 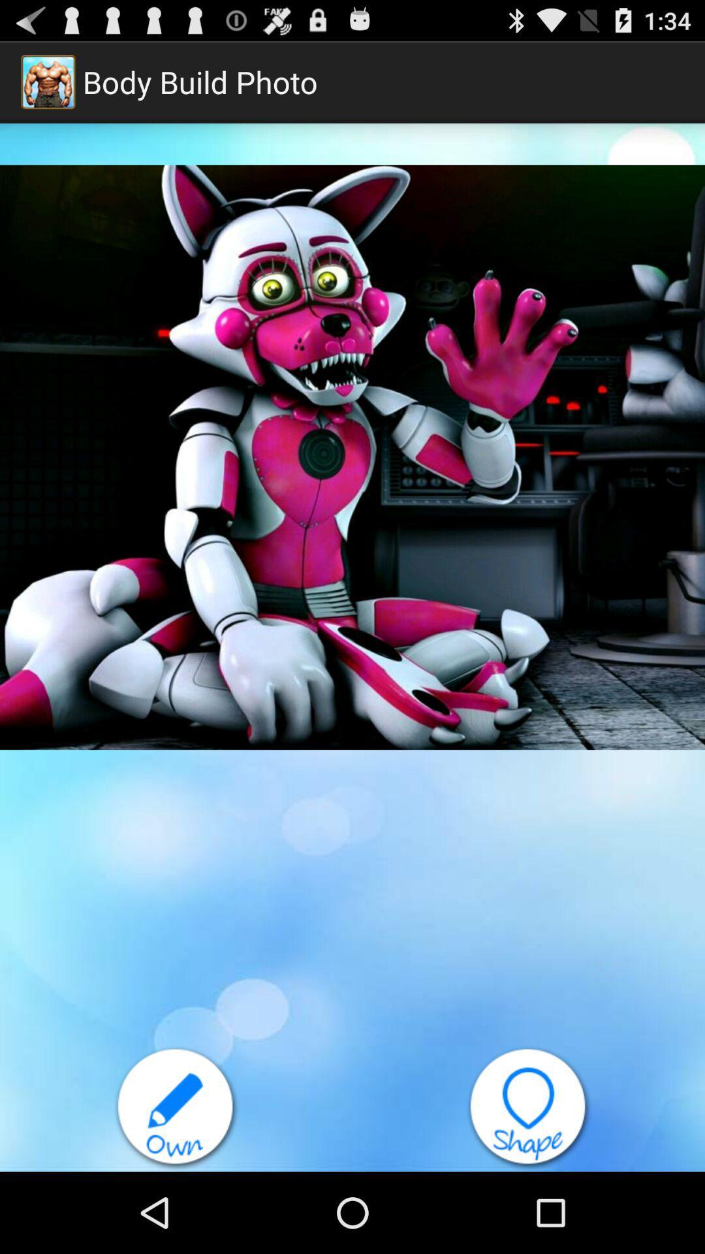 I want to click on icon at the bottom right corner, so click(x=529, y=1108).